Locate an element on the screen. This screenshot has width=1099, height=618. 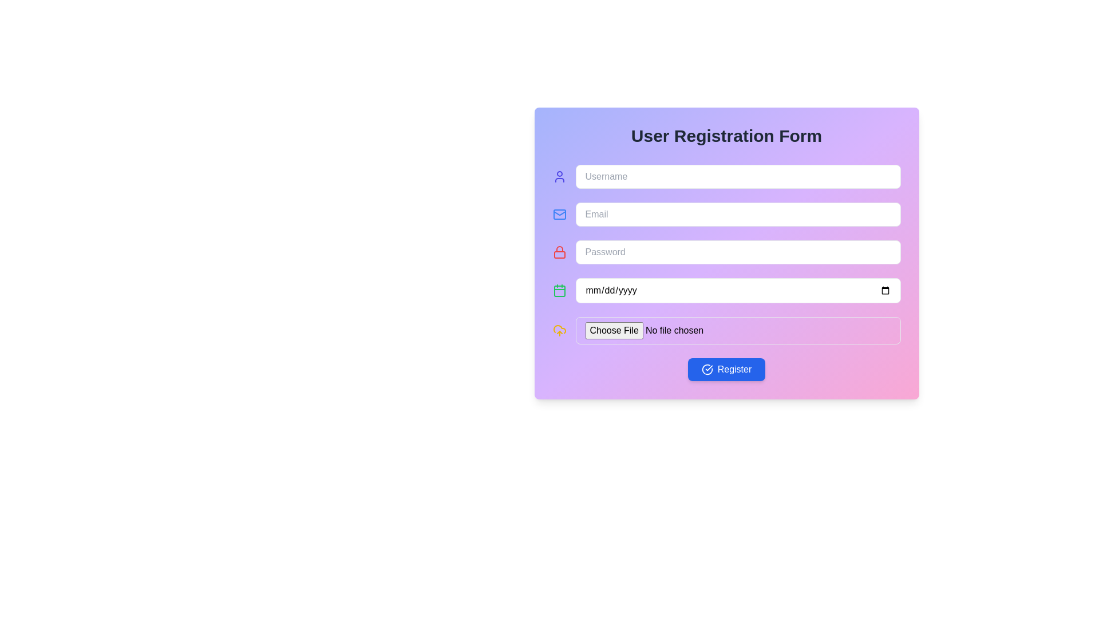
the envelope icon graphic, which is blue is located at coordinates (559, 214).